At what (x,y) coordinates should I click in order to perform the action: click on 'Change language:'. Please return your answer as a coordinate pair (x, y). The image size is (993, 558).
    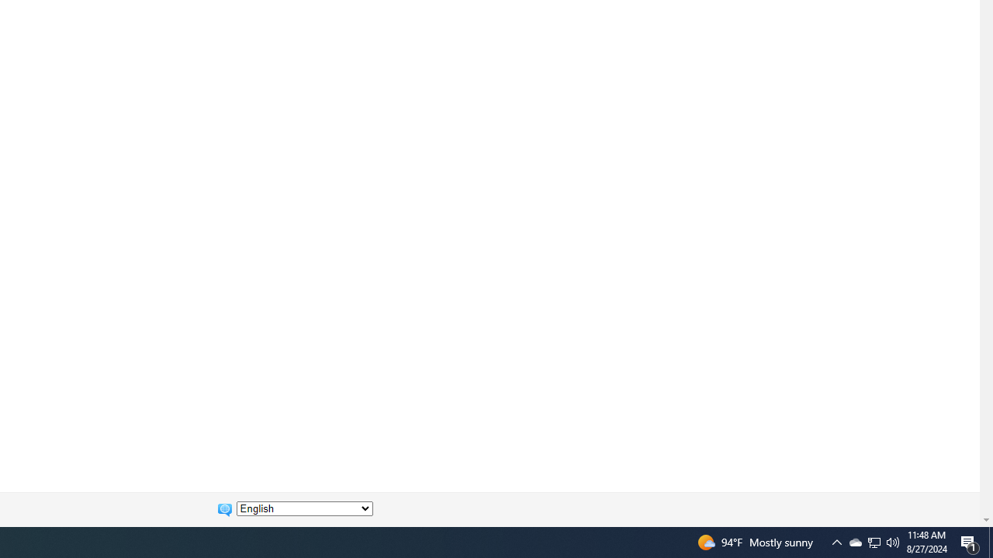
    Looking at the image, I should click on (304, 508).